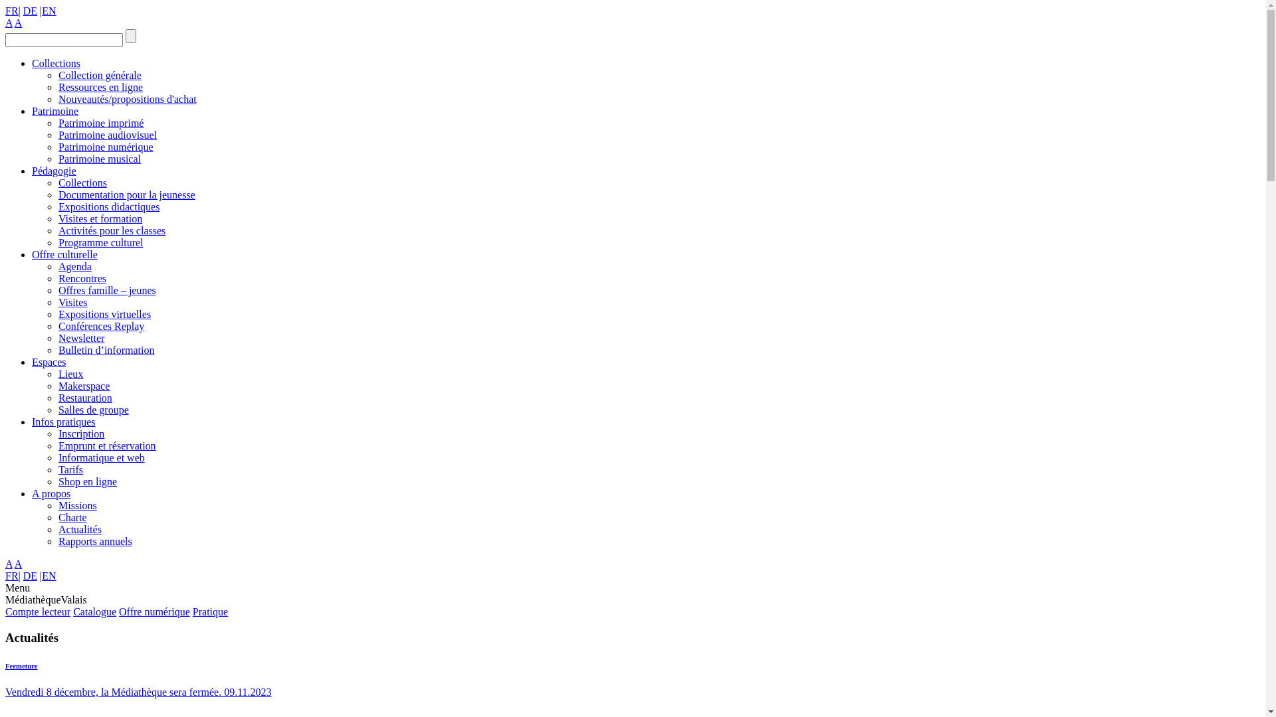 Image resolution: width=1276 pixels, height=717 pixels. Describe the element at coordinates (12, 11) in the screenshot. I see `'FR'` at that location.